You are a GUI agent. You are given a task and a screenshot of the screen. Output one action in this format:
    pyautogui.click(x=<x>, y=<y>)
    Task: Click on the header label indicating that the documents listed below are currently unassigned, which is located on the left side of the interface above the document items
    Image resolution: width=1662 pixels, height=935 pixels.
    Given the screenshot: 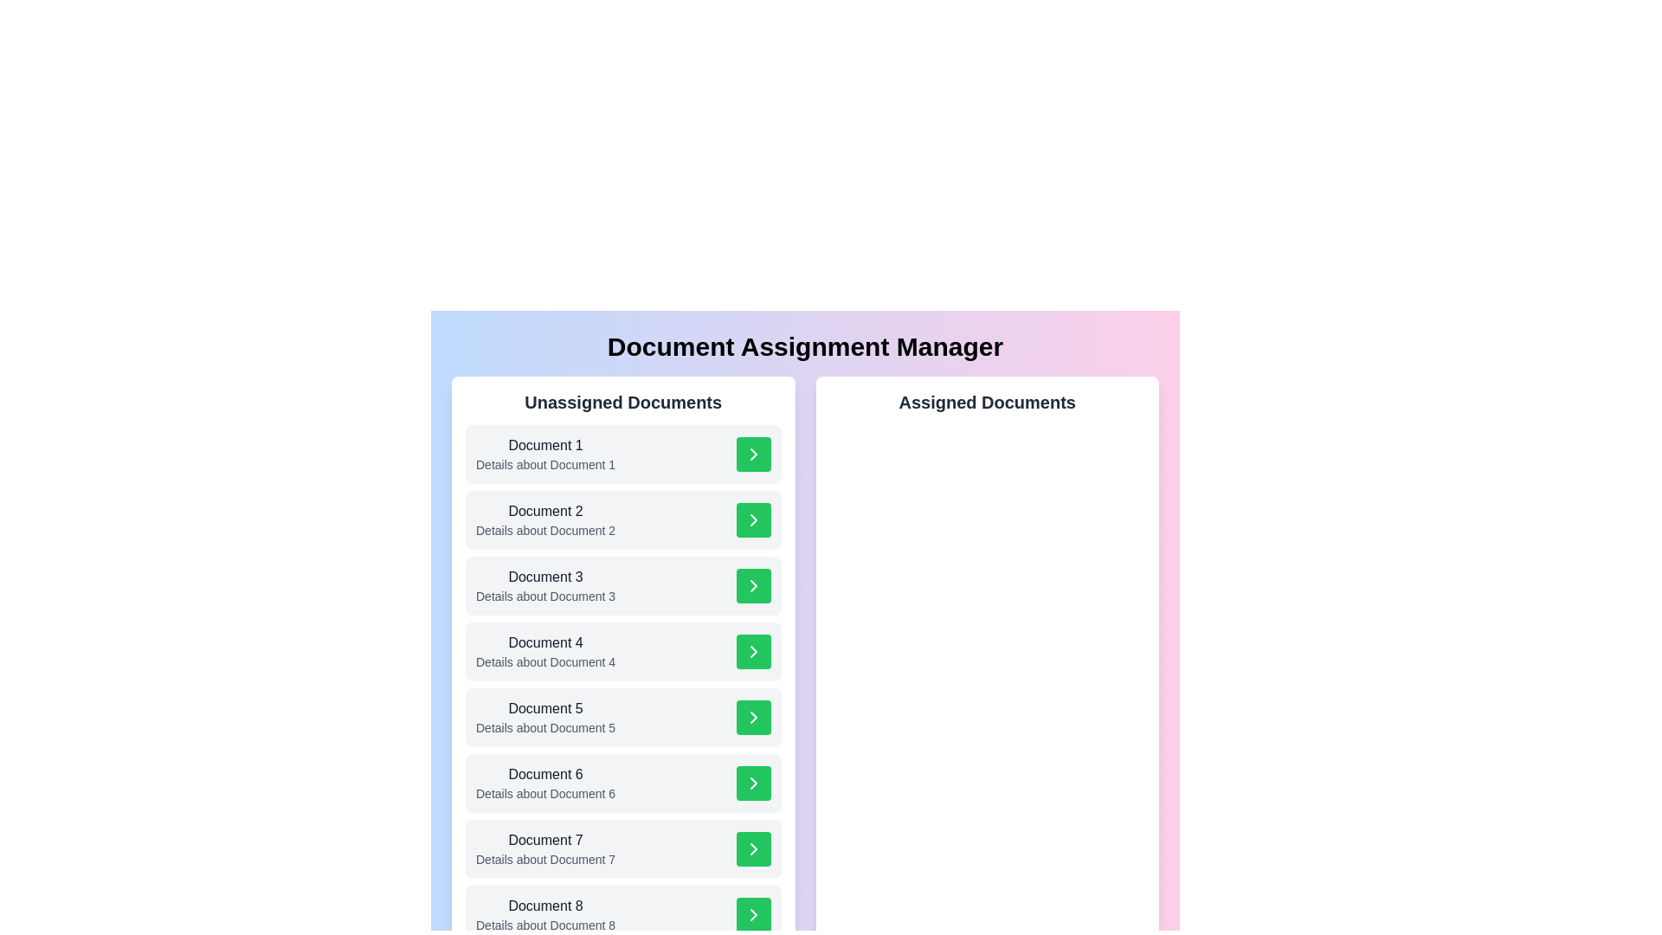 What is the action you would take?
    pyautogui.click(x=623, y=403)
    